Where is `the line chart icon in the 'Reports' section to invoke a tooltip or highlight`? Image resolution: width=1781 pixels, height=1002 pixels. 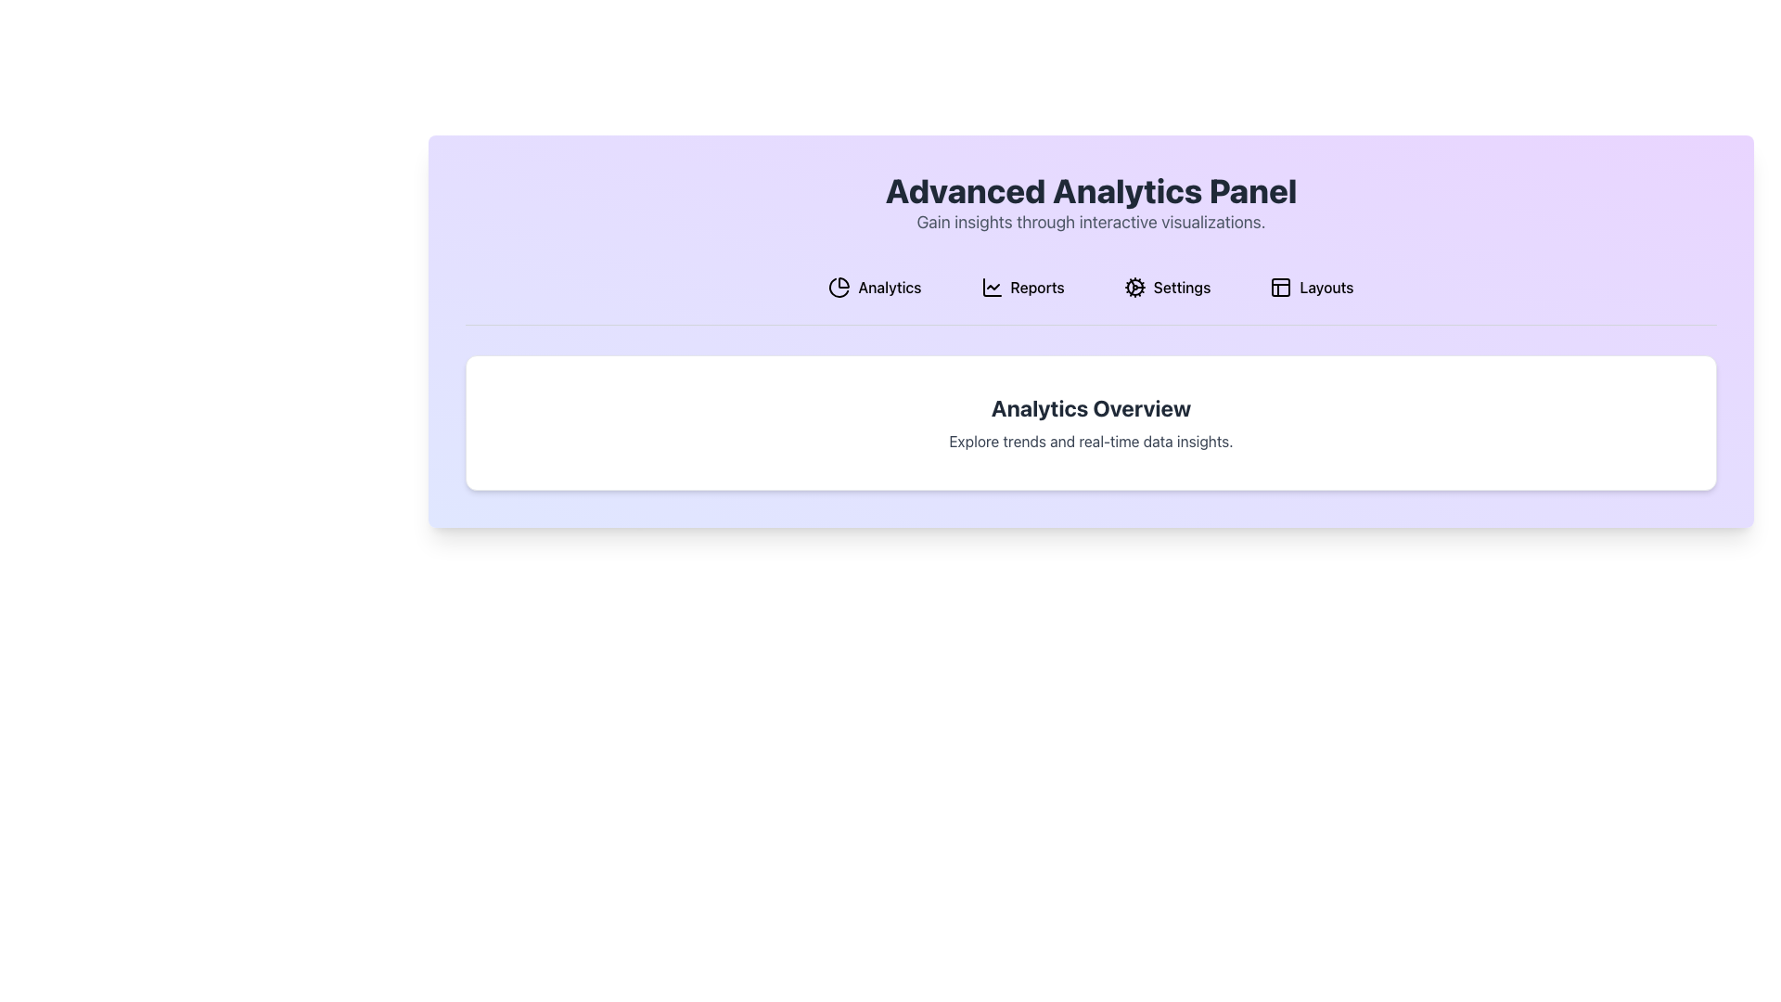
the line chart icon in the 'Reports' section to invoke a tooltip or highlight is located at coordinates (991, 287).